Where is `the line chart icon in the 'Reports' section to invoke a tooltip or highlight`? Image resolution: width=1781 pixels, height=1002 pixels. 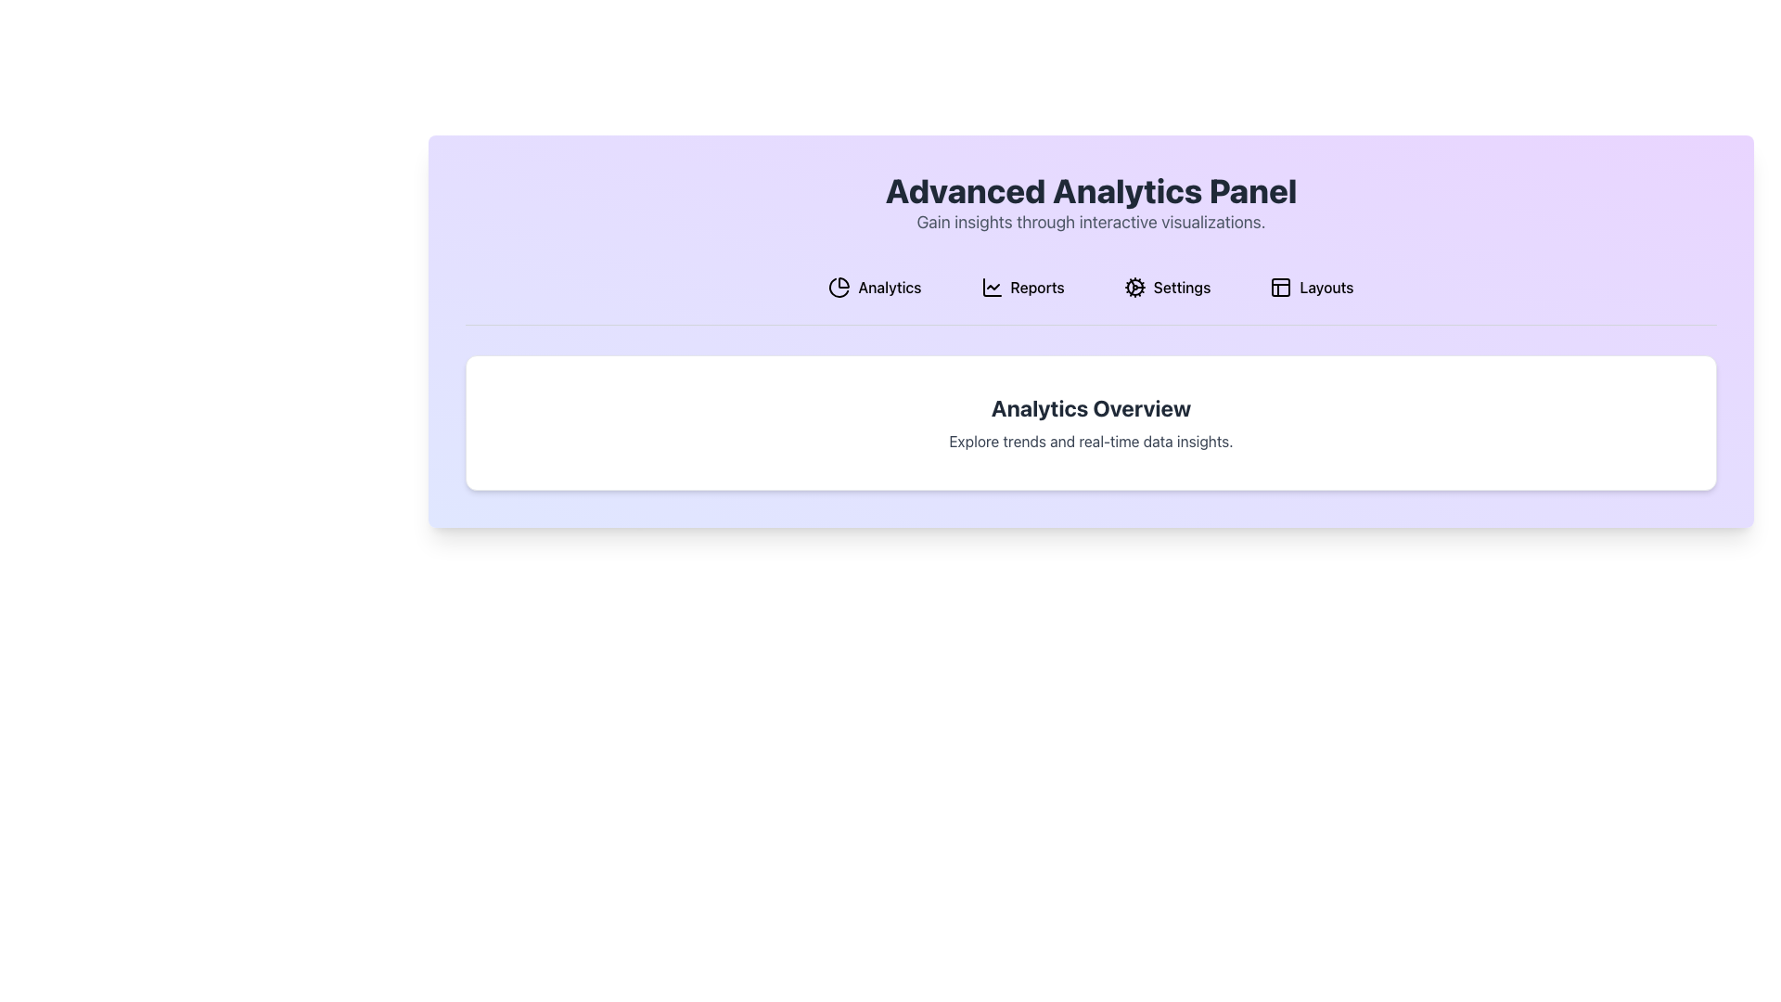
the line chart icon in the 'Reports' section to invoke a tooltip or highlight is located at coordinates (991, 287).